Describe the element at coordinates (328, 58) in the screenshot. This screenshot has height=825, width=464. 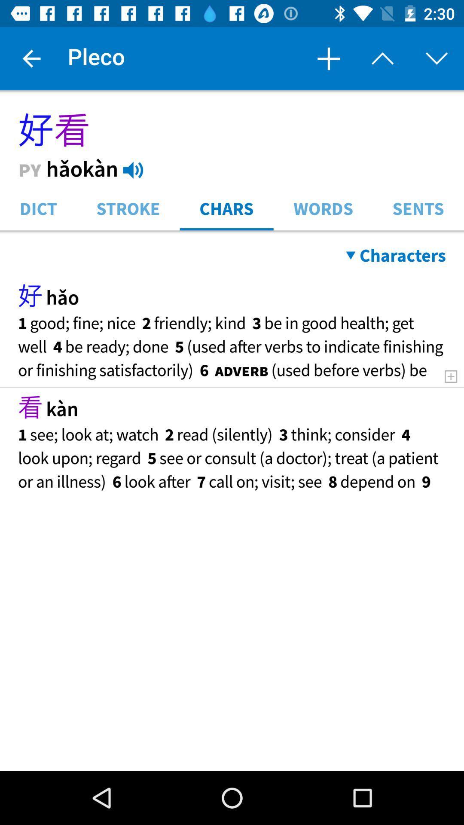
I see `item next to pleco item` at that location.